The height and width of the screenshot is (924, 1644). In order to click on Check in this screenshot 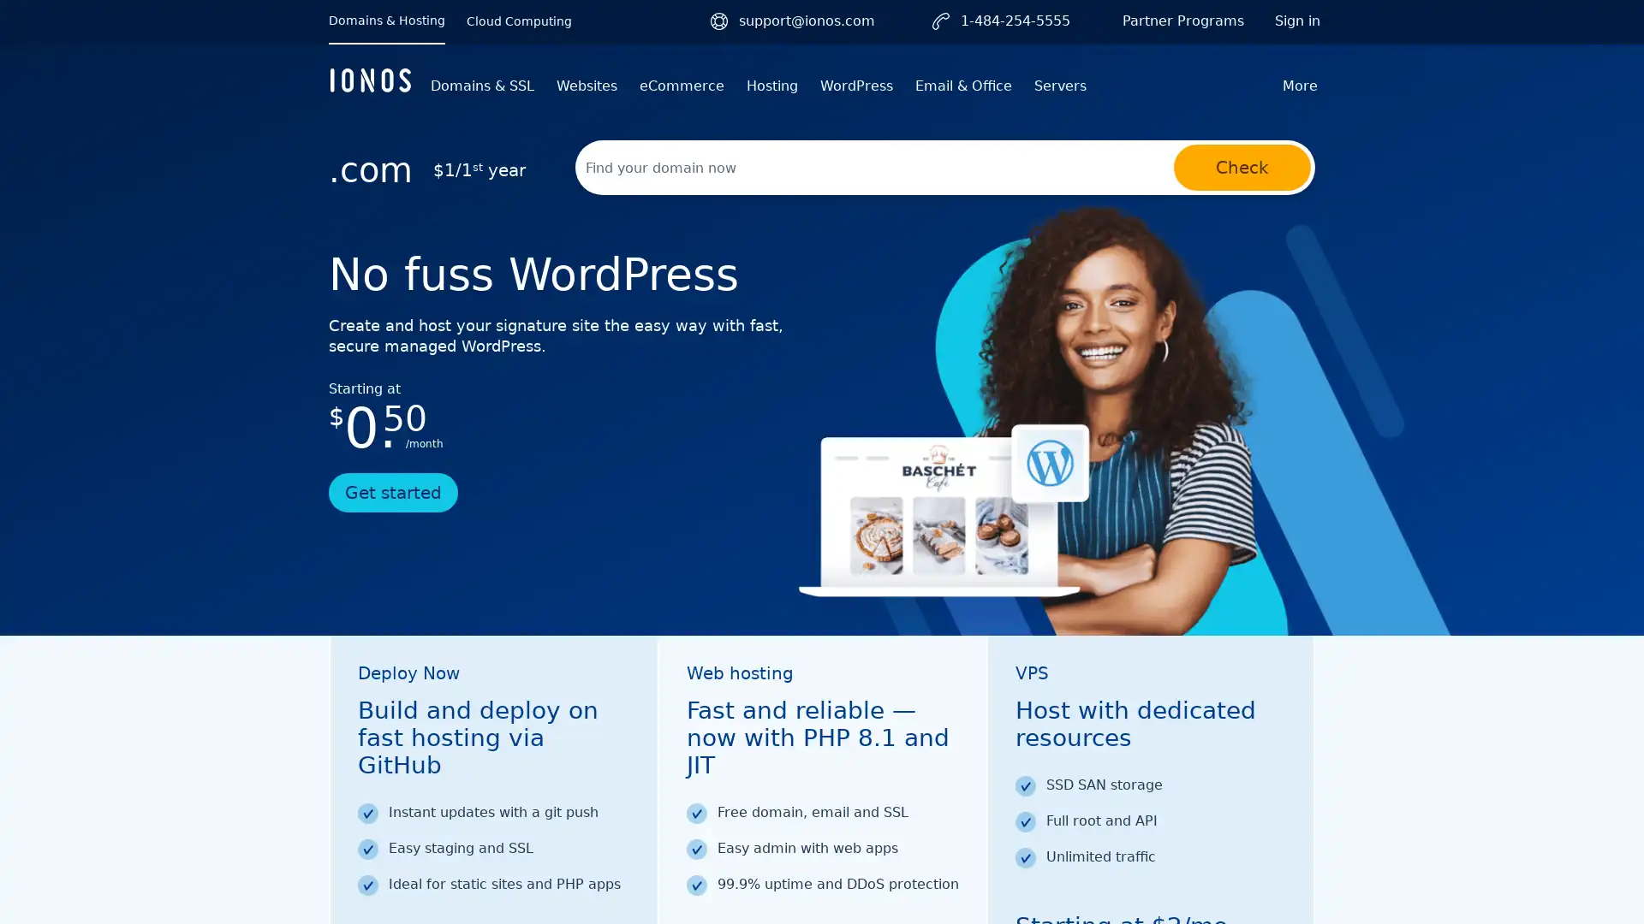, I will do `click(1242, 168)`.